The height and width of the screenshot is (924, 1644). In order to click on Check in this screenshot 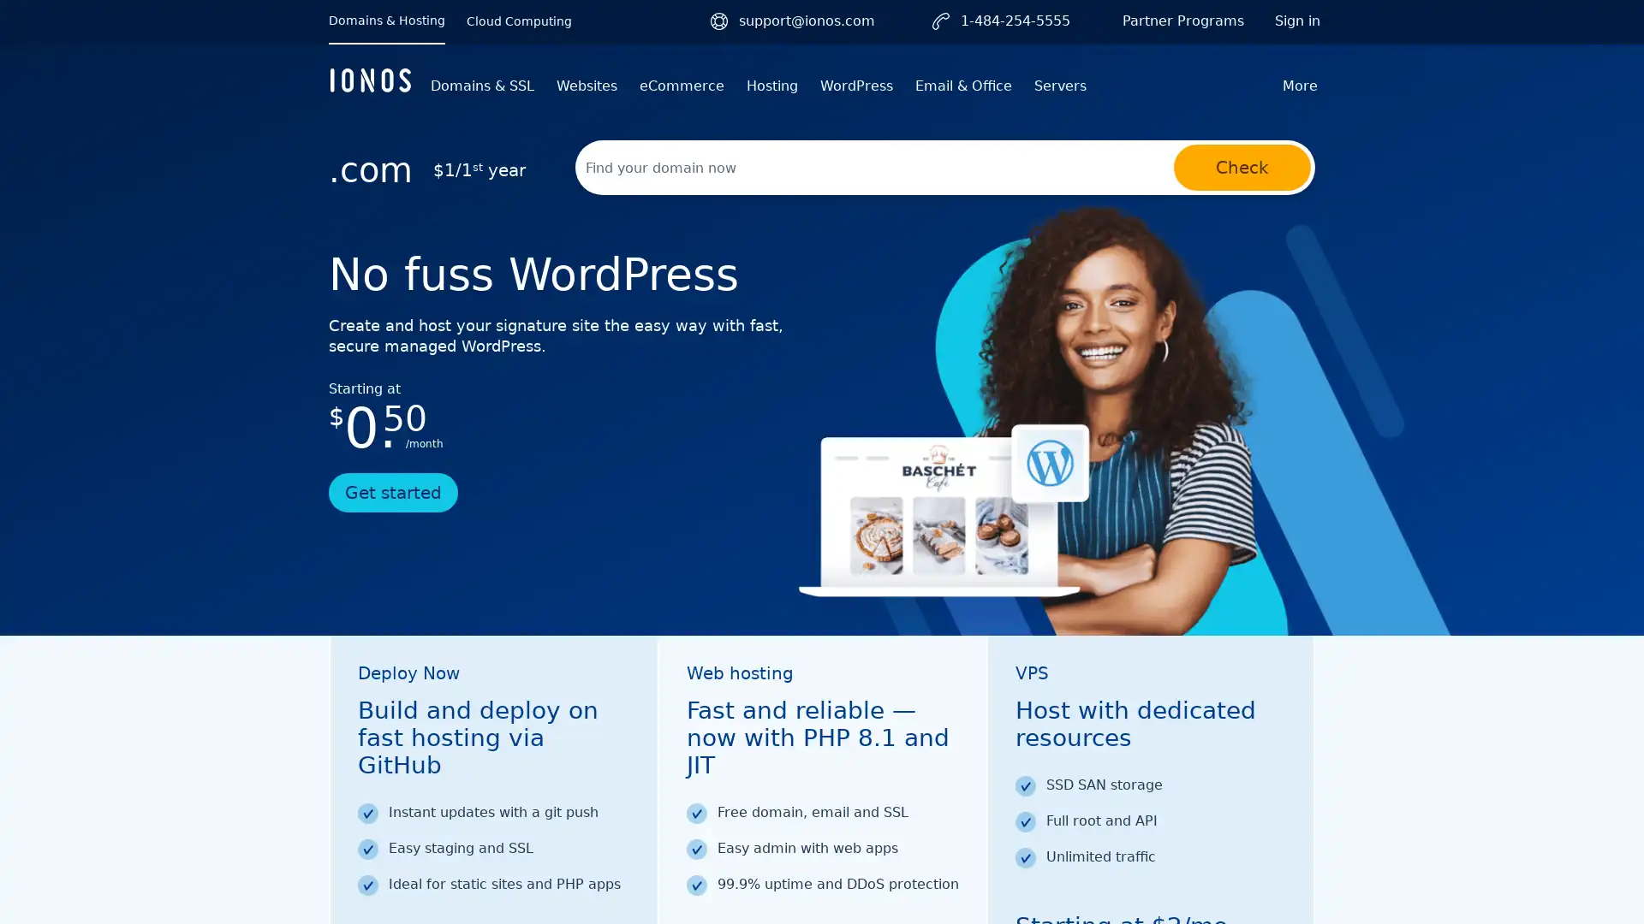, I will do `click(1242, 168)`.